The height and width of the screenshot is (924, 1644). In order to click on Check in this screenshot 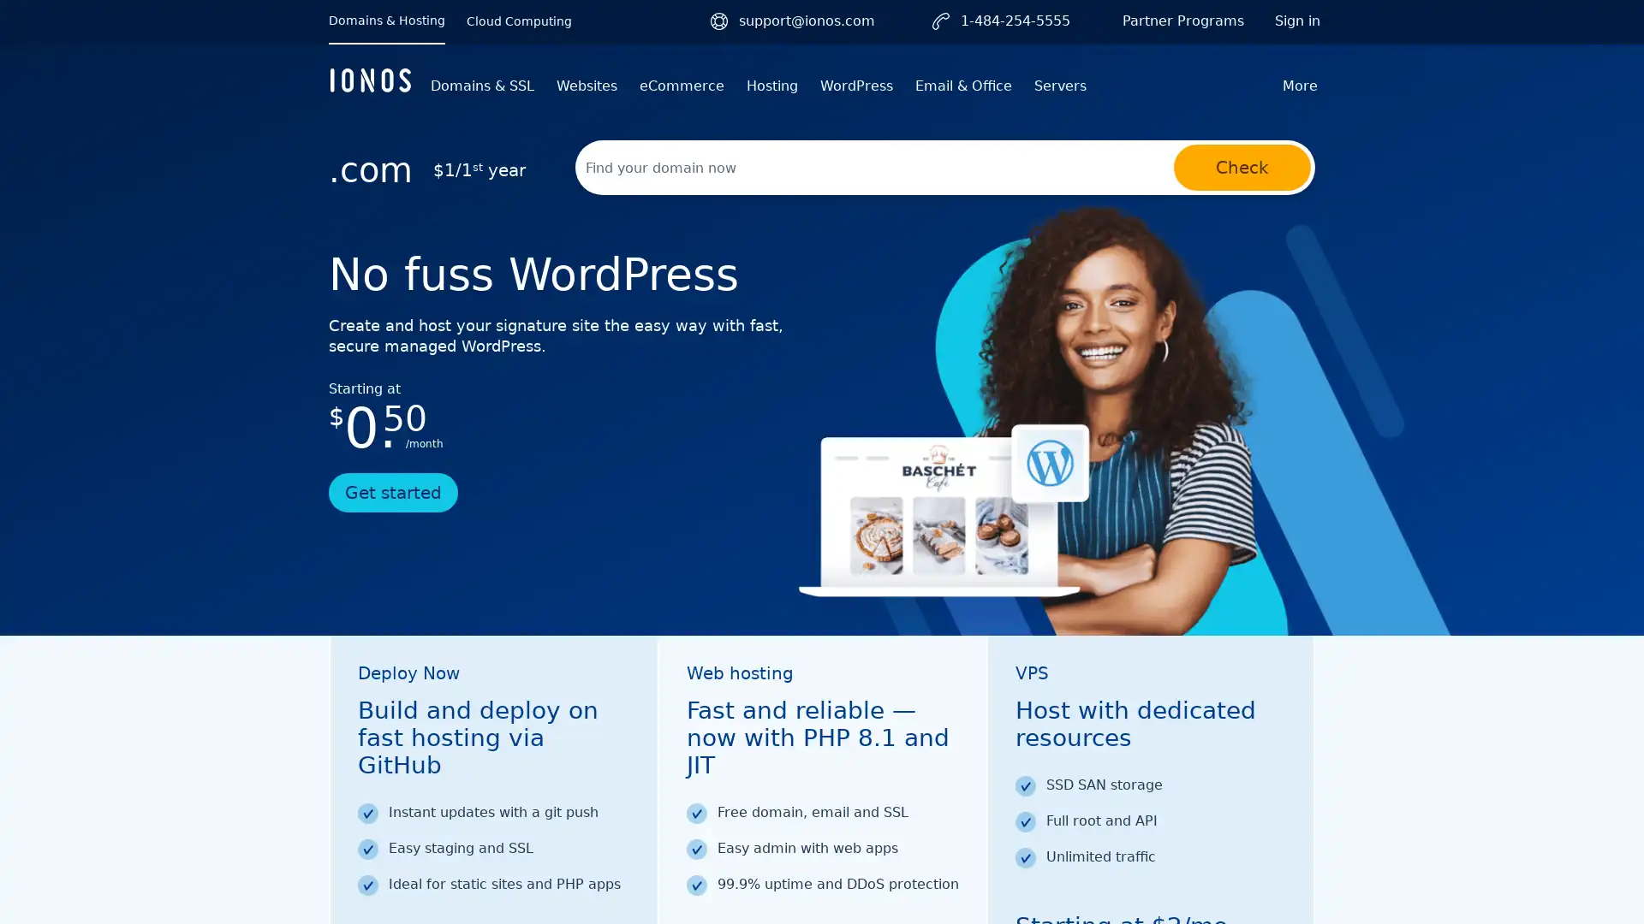, I will do `click(1242, 168)`.